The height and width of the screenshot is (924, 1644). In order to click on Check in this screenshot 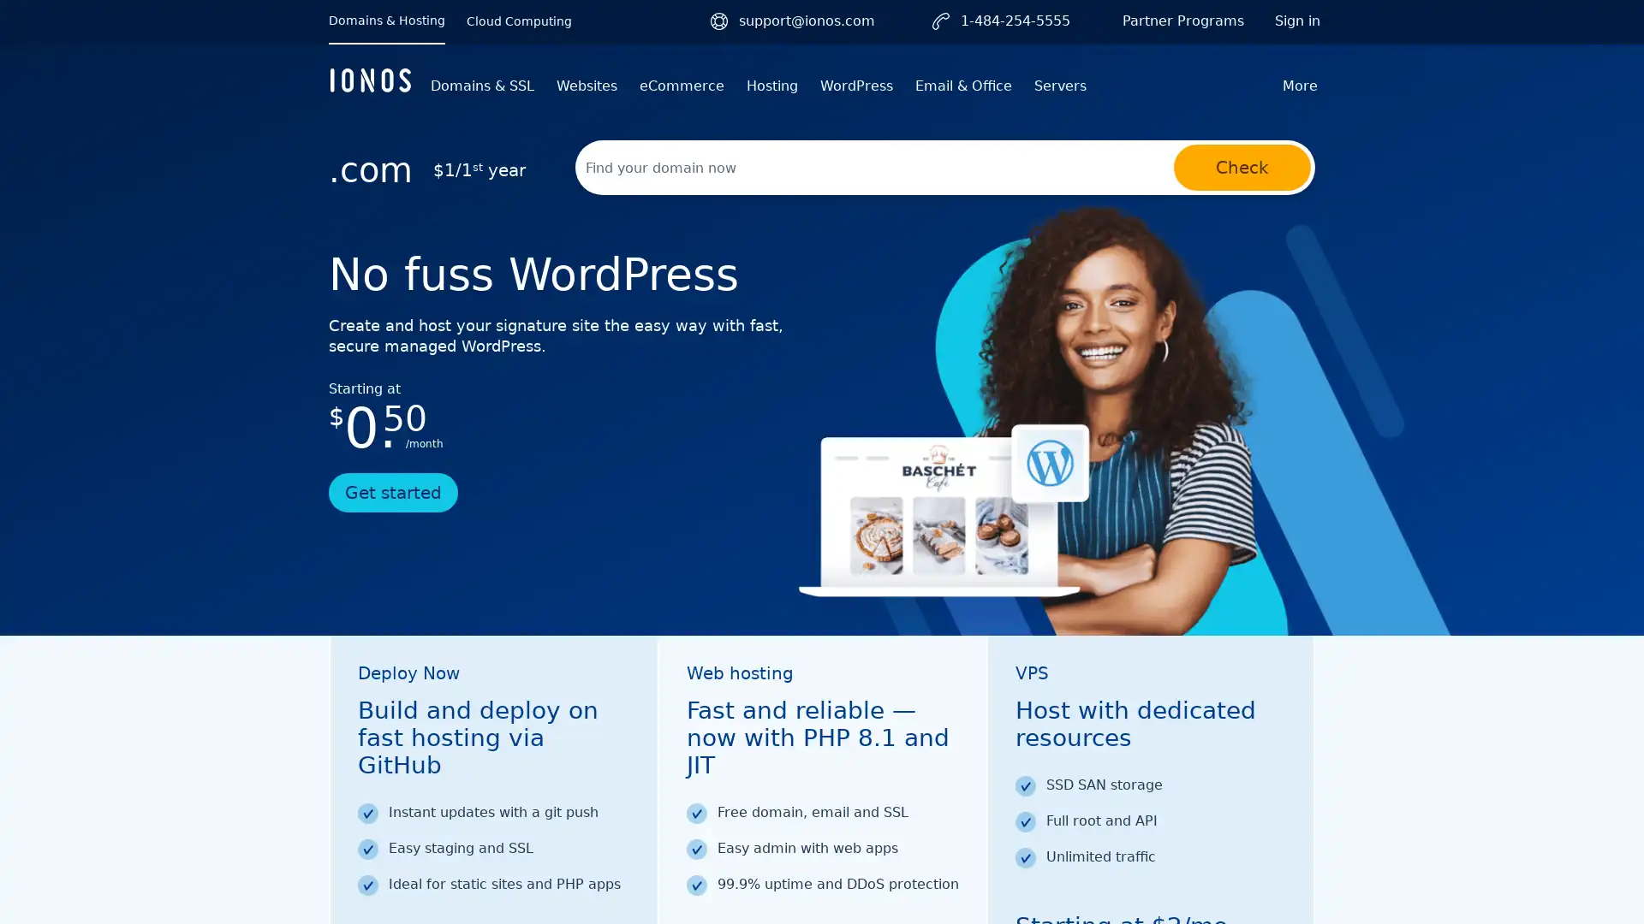, I will do `click(1242, 168)`.